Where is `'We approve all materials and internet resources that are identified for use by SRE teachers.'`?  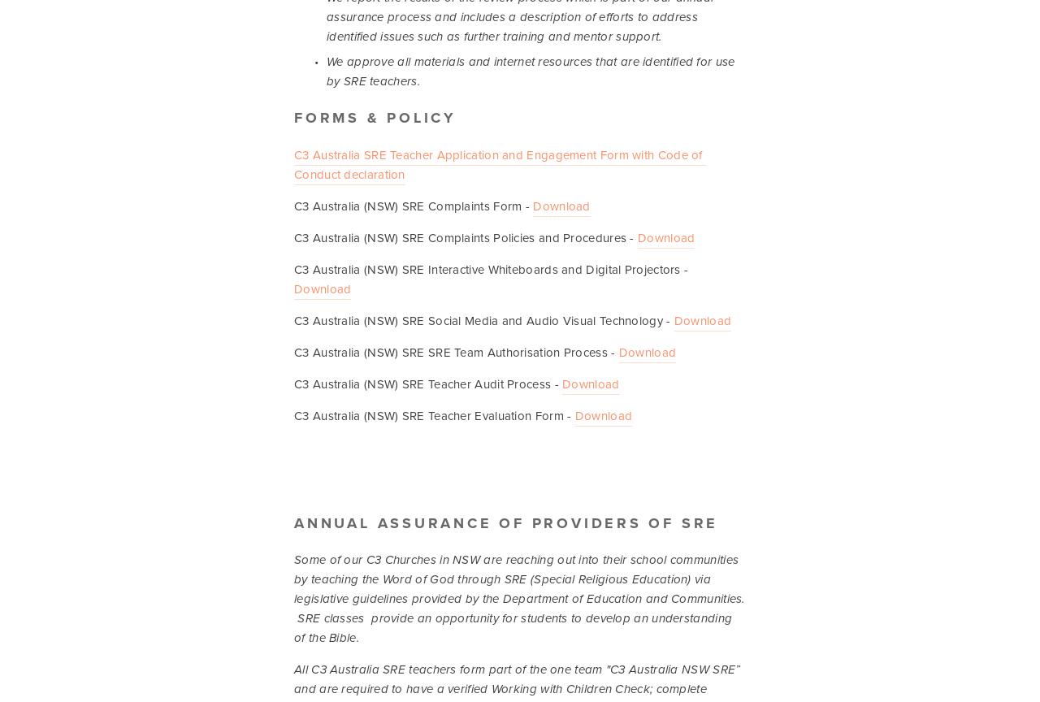
'We approve all materials and internet resources that are identified for use by SRE teachers.' is located at coordinates (531, 71).